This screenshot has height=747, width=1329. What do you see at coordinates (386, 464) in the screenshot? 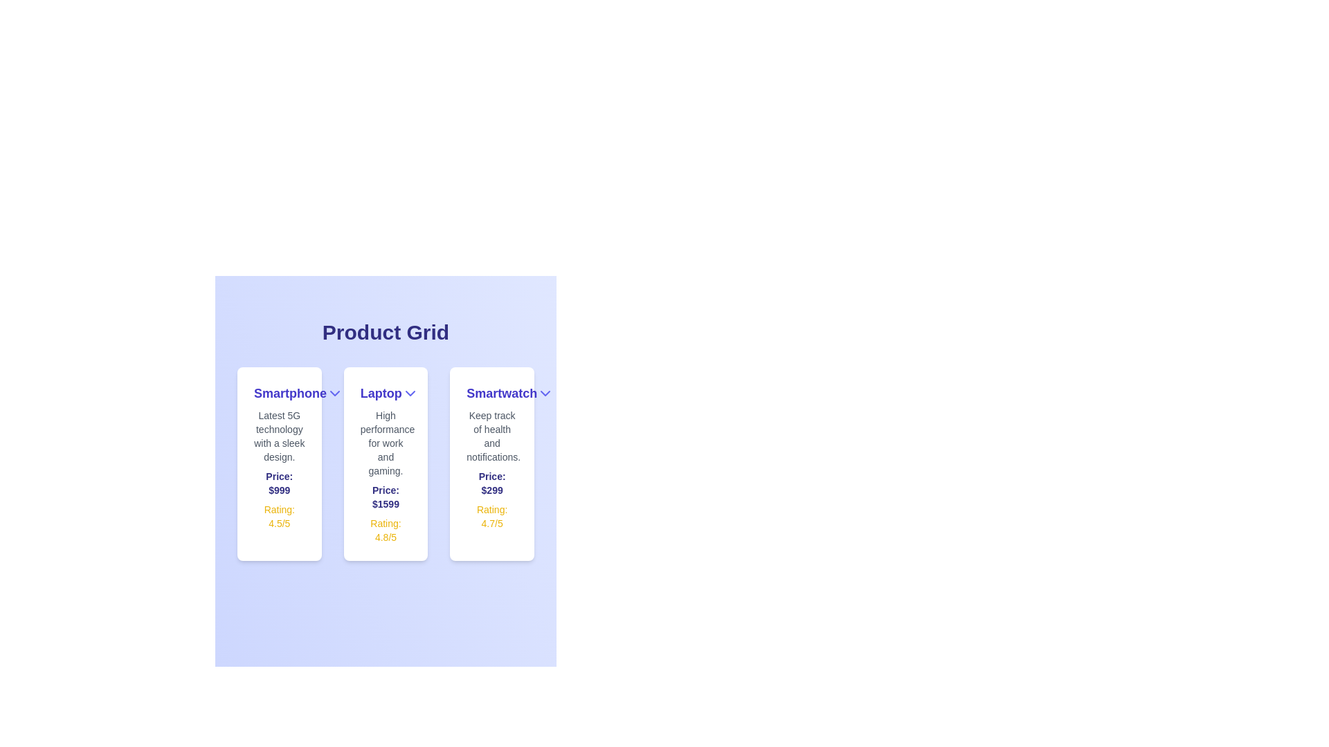
I see `on the second card in the product grid that displays information about the laptop, including its features, price, and rating` at bounding box center [386, 464].